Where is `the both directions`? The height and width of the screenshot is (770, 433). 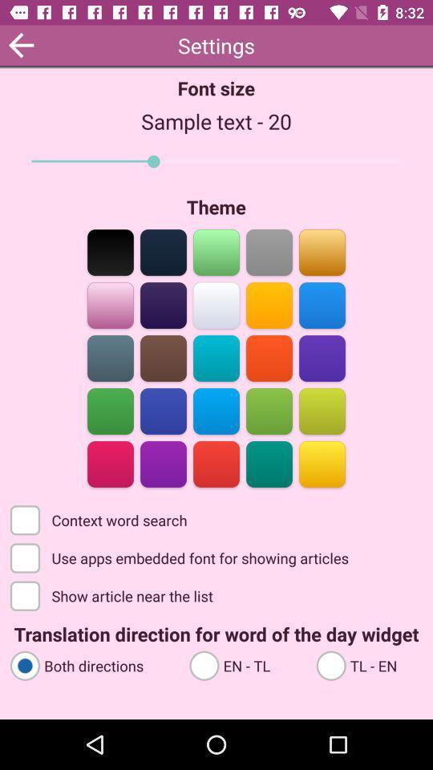 the both directions is located at coordinates (92, 665).